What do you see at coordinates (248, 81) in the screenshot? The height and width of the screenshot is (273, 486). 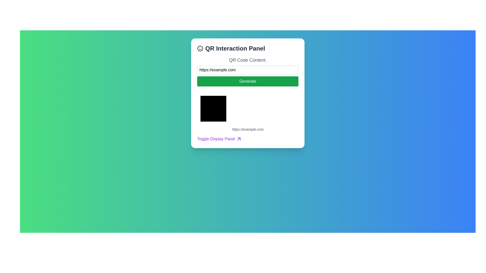 I see `the button that triggers QR code generation, located below the 'QR Code Content:' input field and above a placeholder for a QR code` at bounding box center [248, 81].